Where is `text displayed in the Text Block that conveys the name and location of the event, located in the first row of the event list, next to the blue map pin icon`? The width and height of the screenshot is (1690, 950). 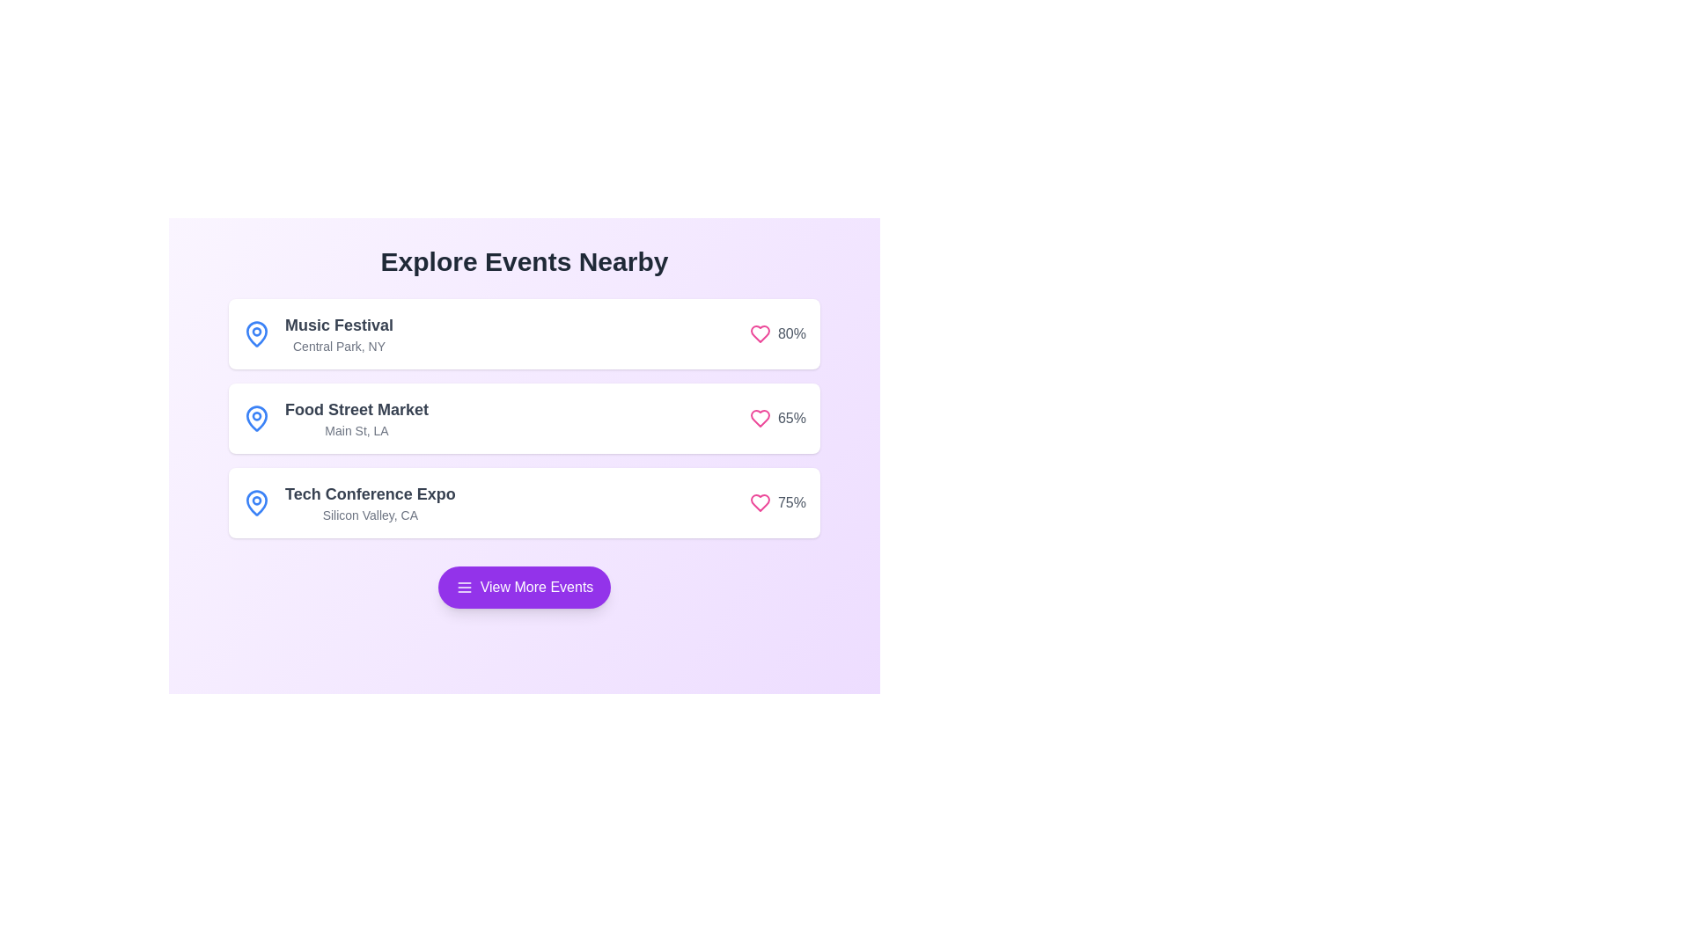
text displayed in the Text Block that conveys the name and location of the event, located in the first row of the event list, next to the blue map pin icon is located at coordinates (339, 334).